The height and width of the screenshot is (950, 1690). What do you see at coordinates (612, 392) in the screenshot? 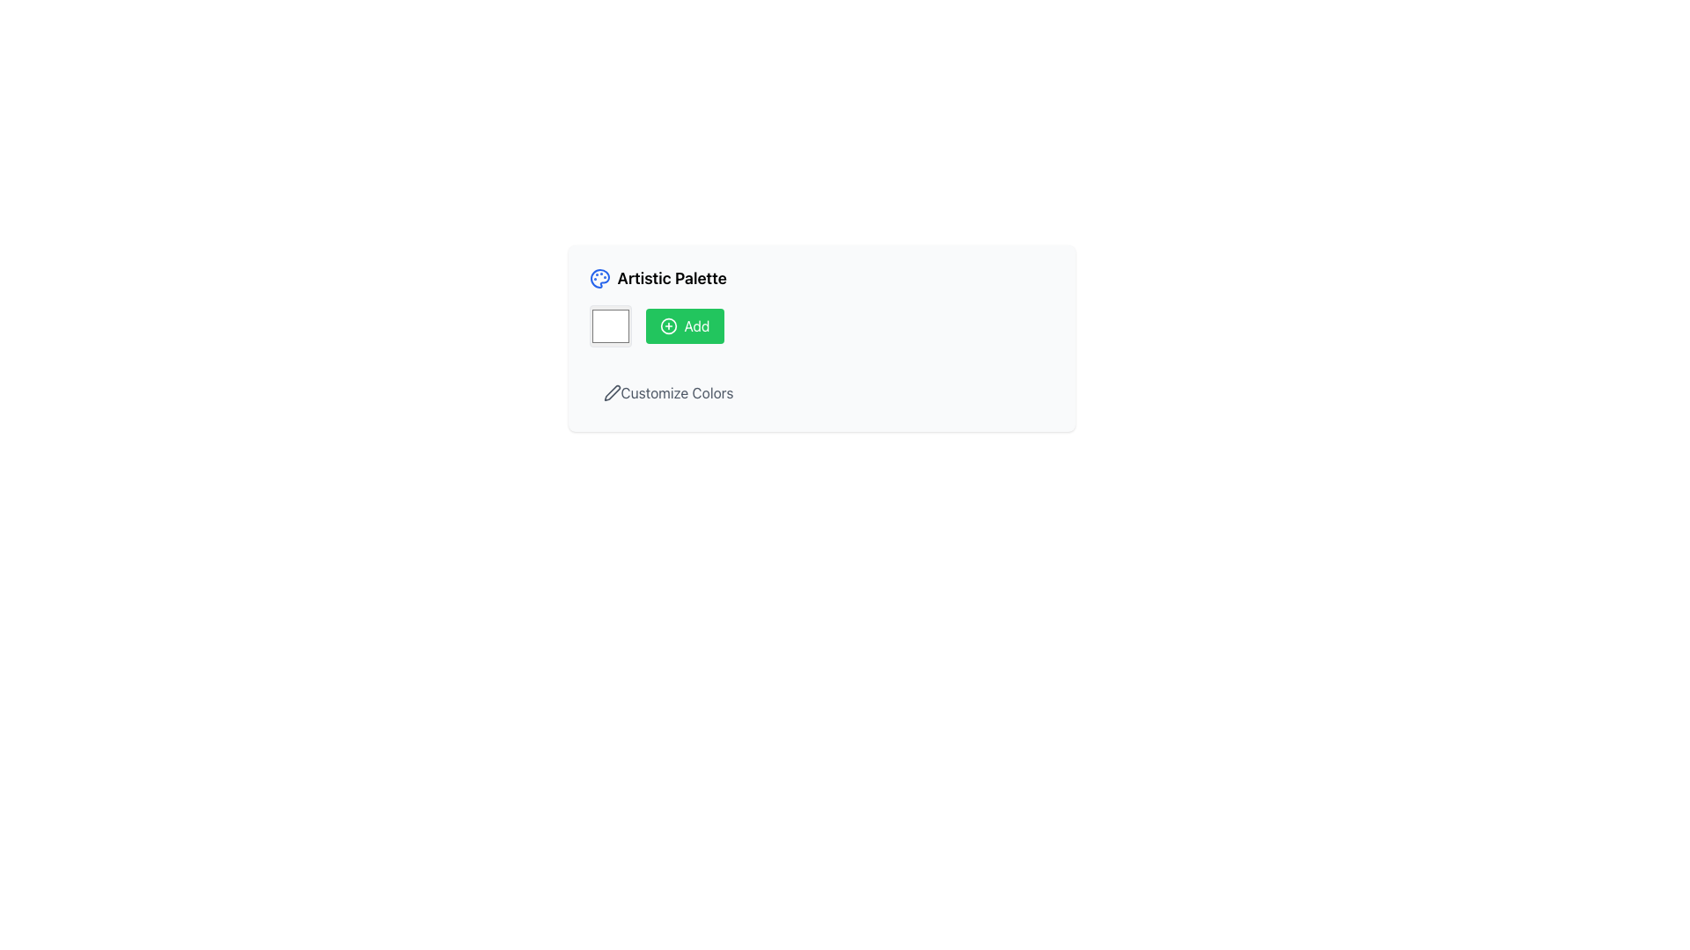
I see `the icon that represents customizing or editing colors, which is located to the left of the 'Customize Colors' text label at the lower section of the interface` at bounding box center [612, 392].